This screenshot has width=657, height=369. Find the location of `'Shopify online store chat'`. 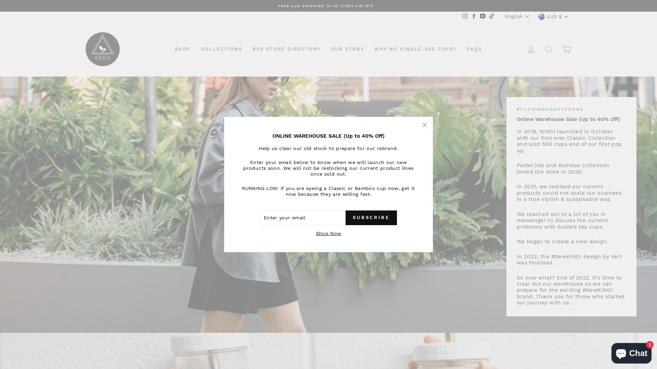

'Shopify online store chat' is located at coordinates (631, 352).